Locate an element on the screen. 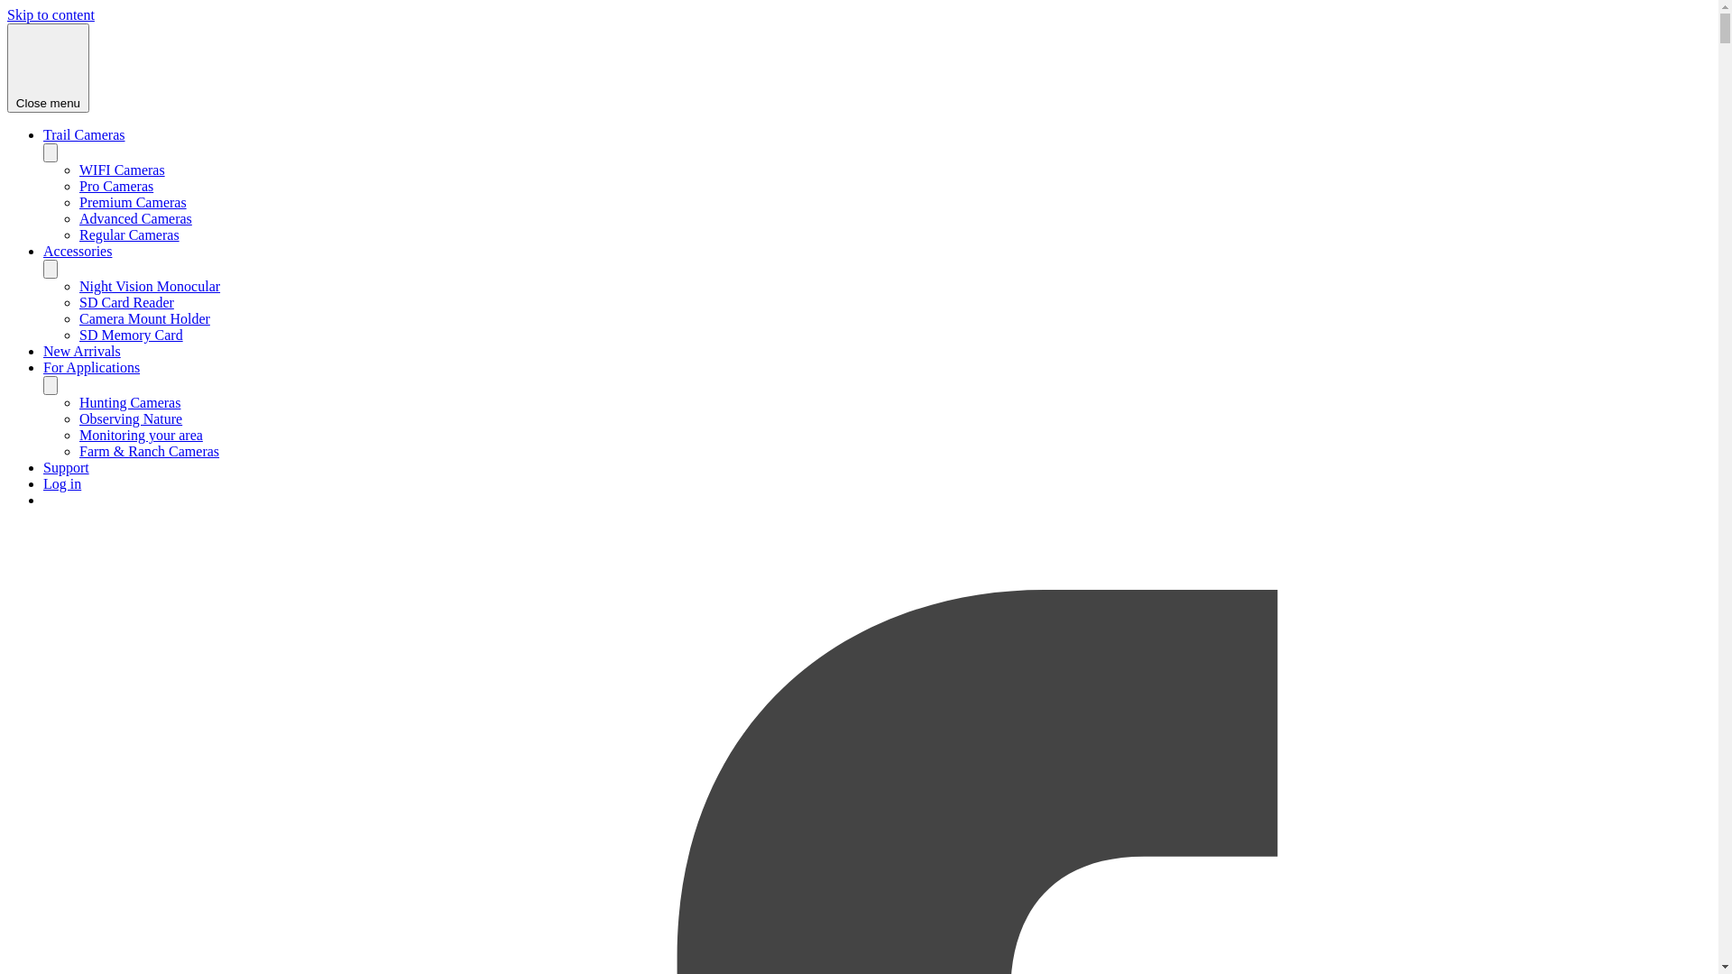 This screenshot has width=1732, height=974. 'For Applications' is located at coordinates (90, 366).